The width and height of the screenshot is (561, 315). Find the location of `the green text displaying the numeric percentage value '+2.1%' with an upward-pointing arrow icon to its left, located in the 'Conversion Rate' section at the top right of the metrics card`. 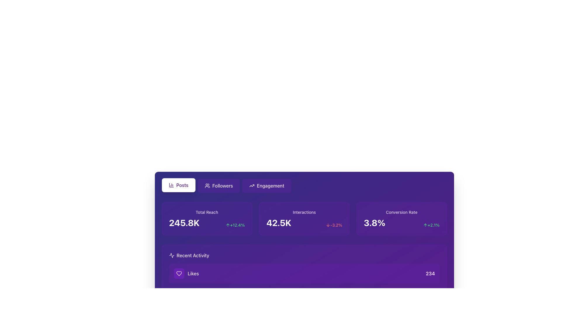

the green text displaying the numeric percentage value '+2.1%' with an upward-pointing arrow icon to its left, located in the 'Conversion Rate' section at the top right of the metrics card is located at coordinates (431, 225).